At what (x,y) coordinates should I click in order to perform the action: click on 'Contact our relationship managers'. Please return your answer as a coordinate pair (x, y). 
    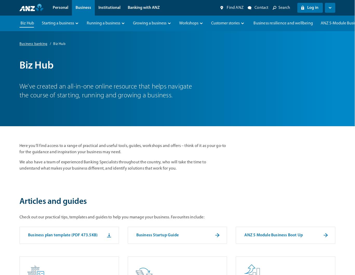
    Looking at the image, I should click on (104, 82).